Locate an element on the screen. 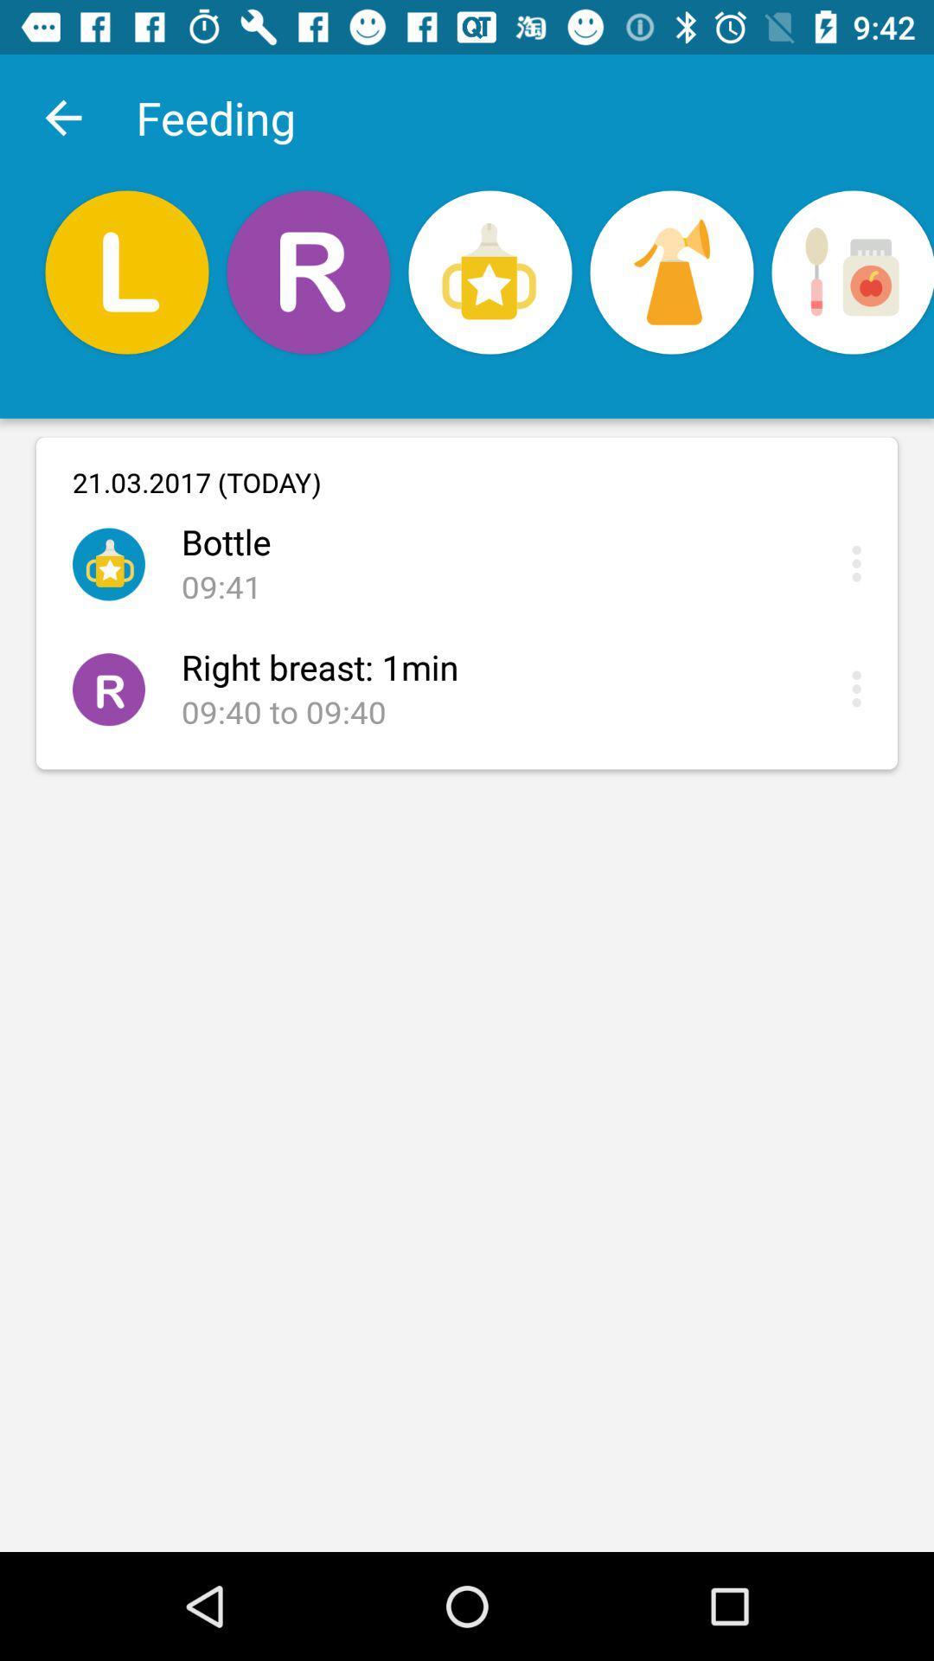 This screenshot has width=934, height=1661. open the sub-menu for this item is located at coordinates (860, 563).